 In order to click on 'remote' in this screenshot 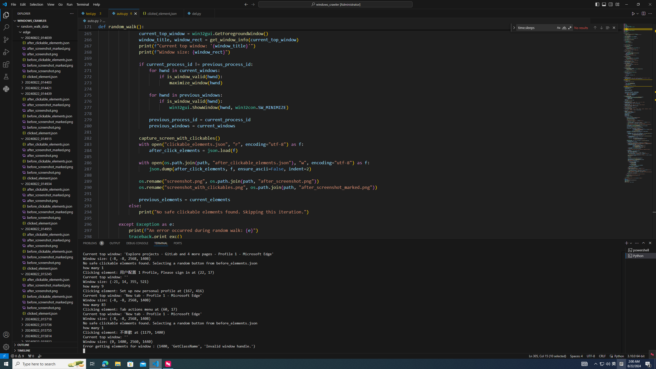, I will do `click(4, 355)`.